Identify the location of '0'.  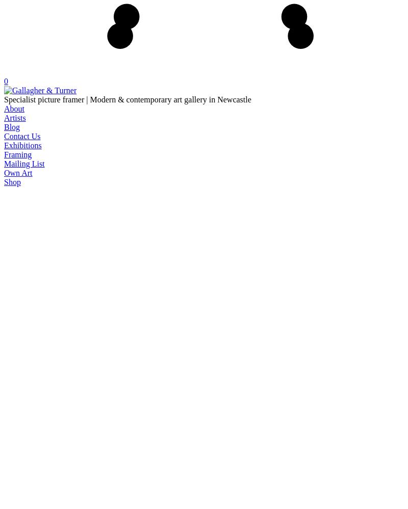
(6, 81).